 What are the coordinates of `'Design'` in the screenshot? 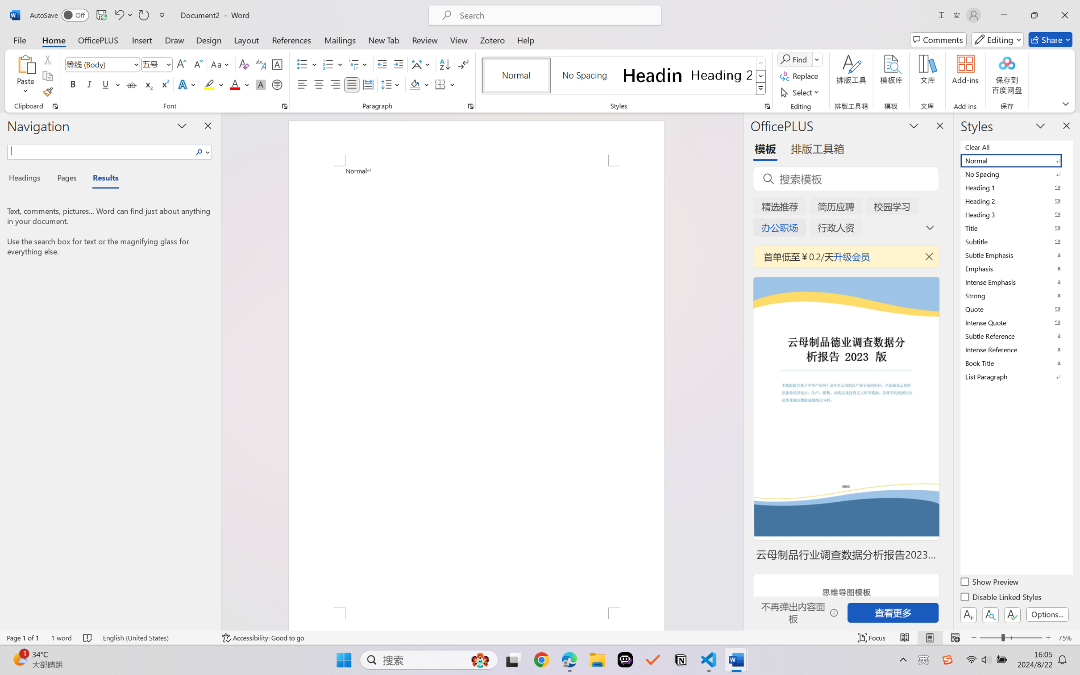 It's located at (208, 39).